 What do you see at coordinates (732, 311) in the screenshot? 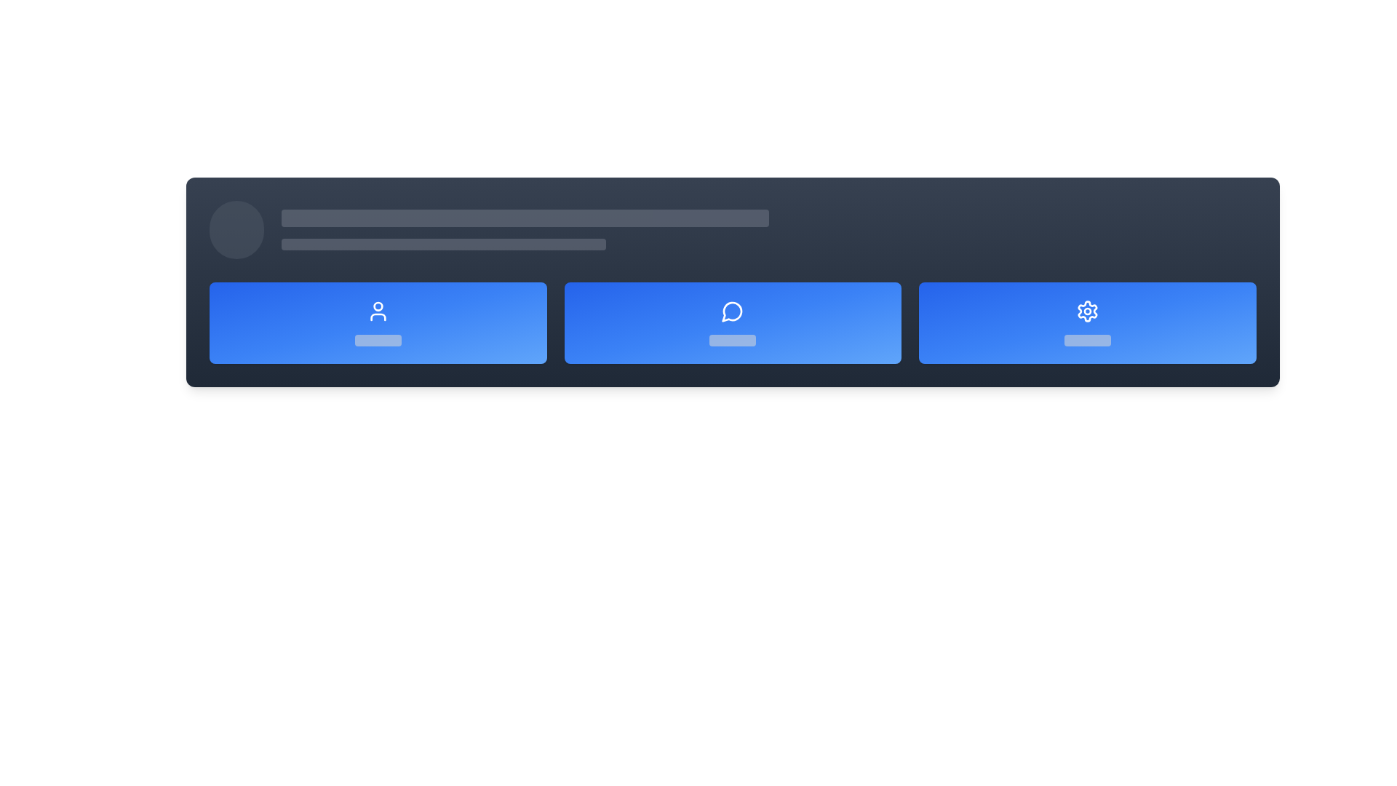
I see `the speech bubble icon which is centrally located inside the second blue button from the left in a row of three buttons` at bounding box center [732, 311].